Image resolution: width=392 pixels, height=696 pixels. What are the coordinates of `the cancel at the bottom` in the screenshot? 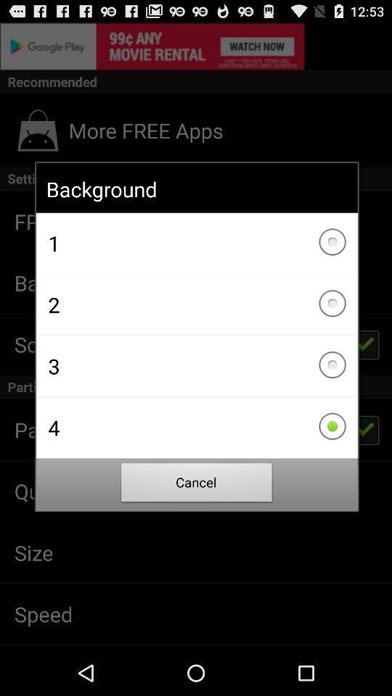 It's located at (196, 484).